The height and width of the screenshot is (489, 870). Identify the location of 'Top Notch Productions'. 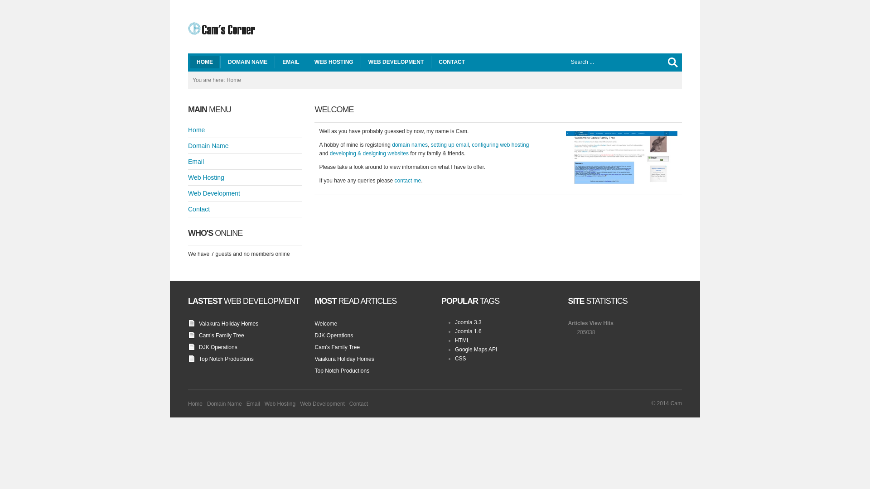
(226, 359).